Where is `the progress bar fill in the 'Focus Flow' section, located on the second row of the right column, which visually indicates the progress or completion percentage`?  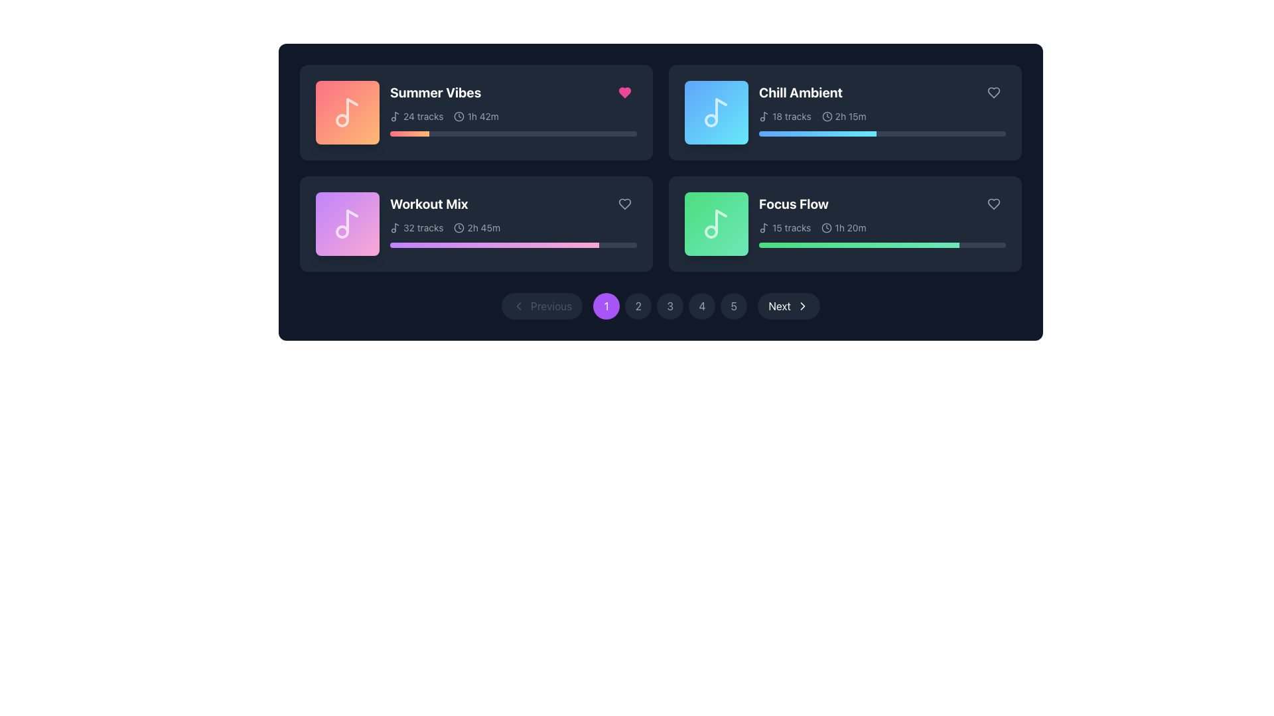 the progress bar fill in the 'Focus Flow' section, located on the second row of the right column, which visually indicates the progress or completion percentage is located at coordinates (859, 245).